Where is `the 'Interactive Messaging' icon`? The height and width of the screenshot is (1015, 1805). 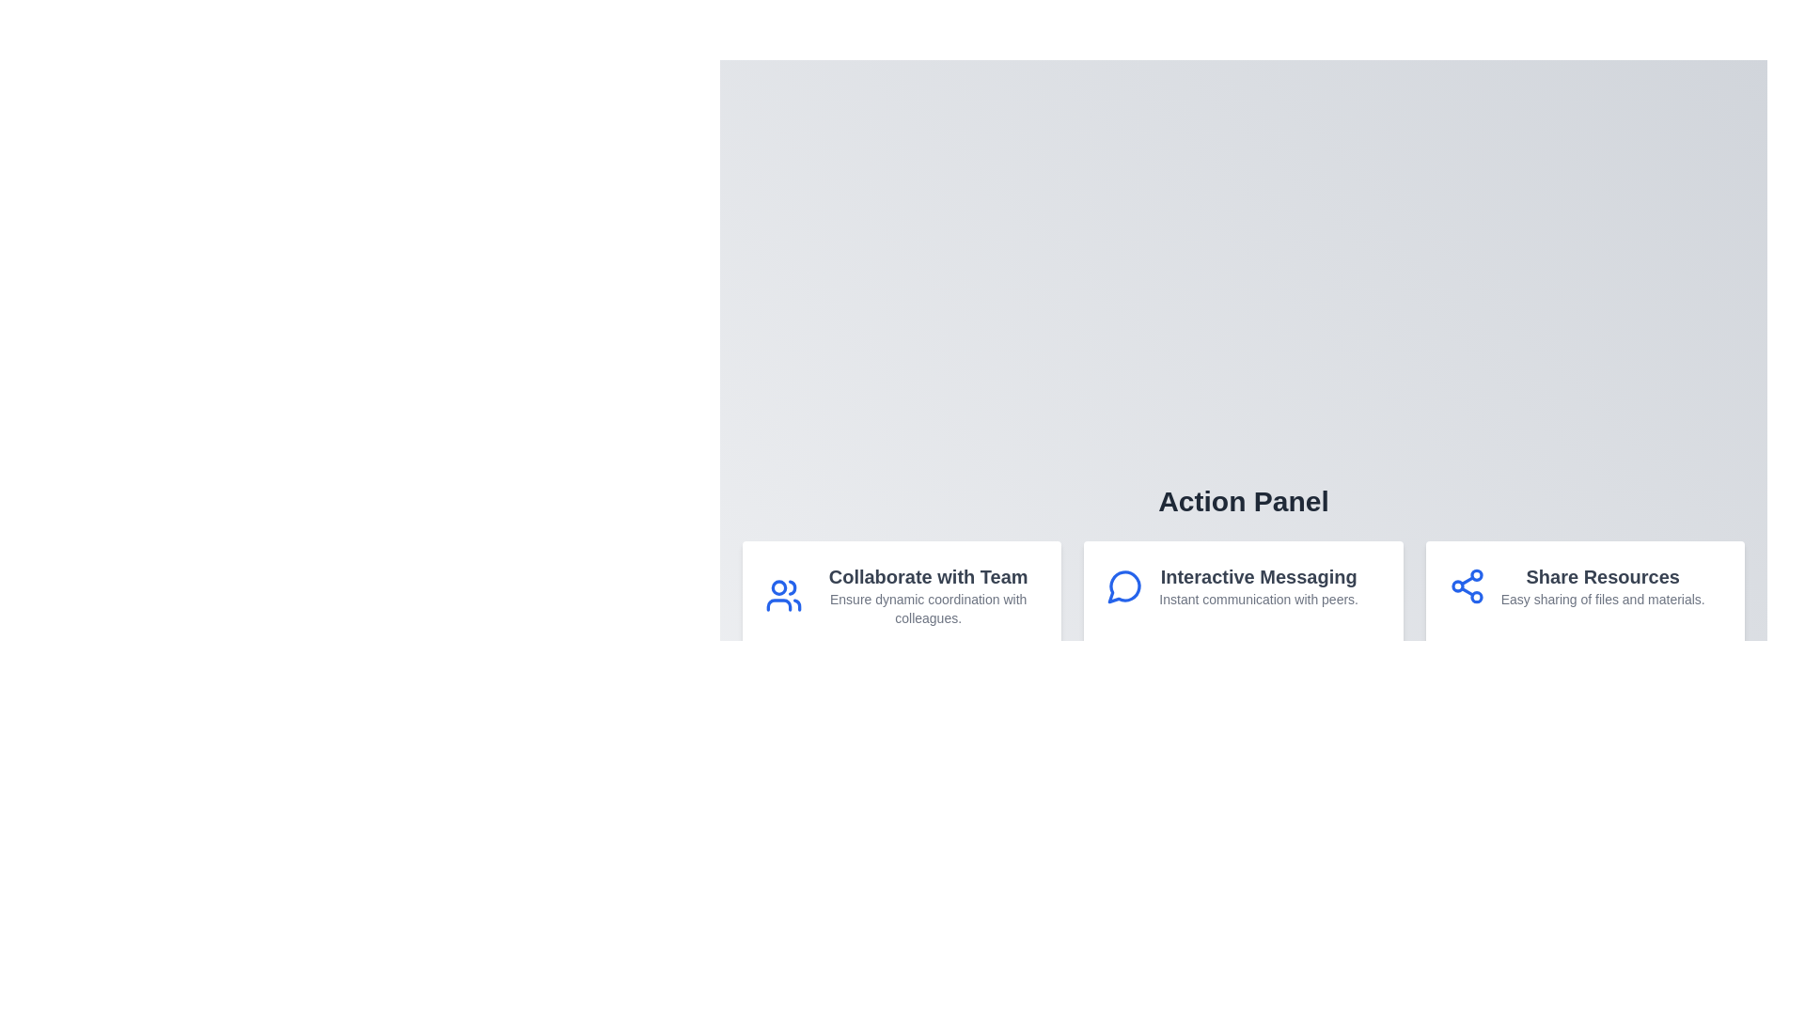
the 'Interactive Messaging' icon is located at coordinates (1125, 586).